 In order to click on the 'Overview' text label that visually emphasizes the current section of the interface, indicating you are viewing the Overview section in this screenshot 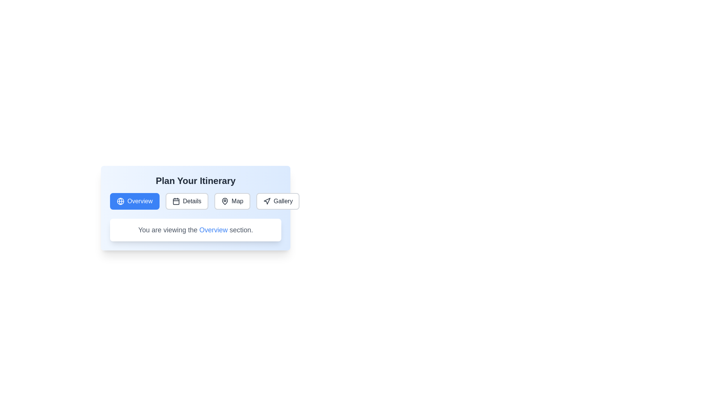, I will do `click(213, 230)`.